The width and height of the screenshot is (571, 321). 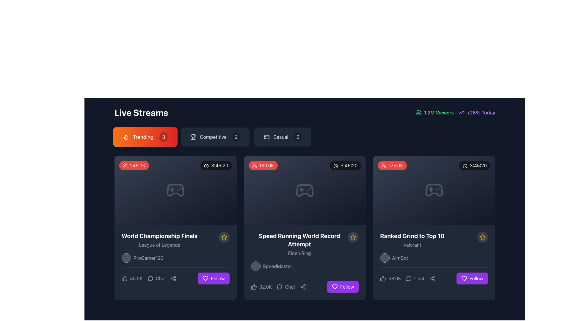 I want to click on the text label displaying 'League of Legends', which is styled in a smaller, gray font and positioned directly below the bold title 'World Championship Finals', so click(x=159, y=245).